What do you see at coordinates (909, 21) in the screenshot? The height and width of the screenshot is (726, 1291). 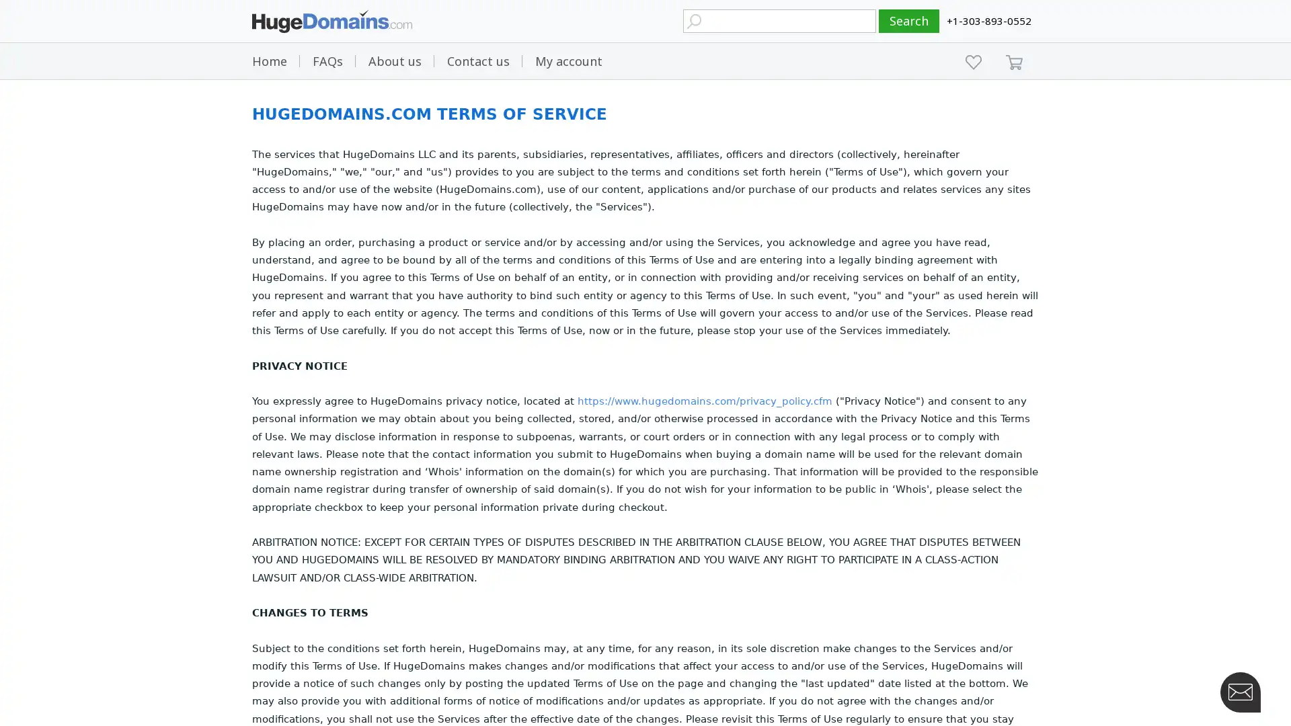 I see `Search` at bounding box center [909, 21].